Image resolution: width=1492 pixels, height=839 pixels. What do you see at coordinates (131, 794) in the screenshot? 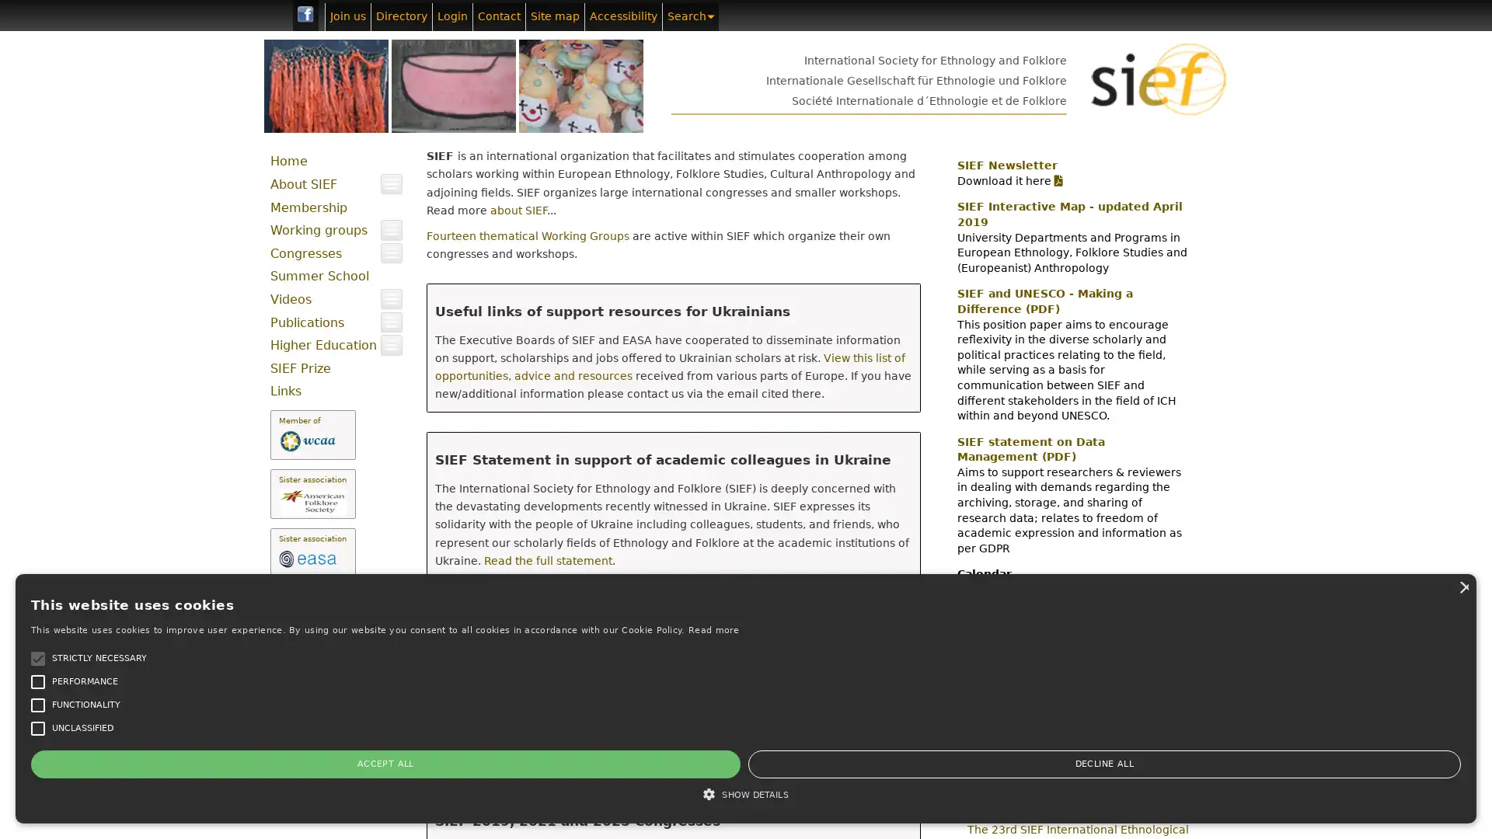
I see `SHOW DETAILS` at bounding box center [131, 794].